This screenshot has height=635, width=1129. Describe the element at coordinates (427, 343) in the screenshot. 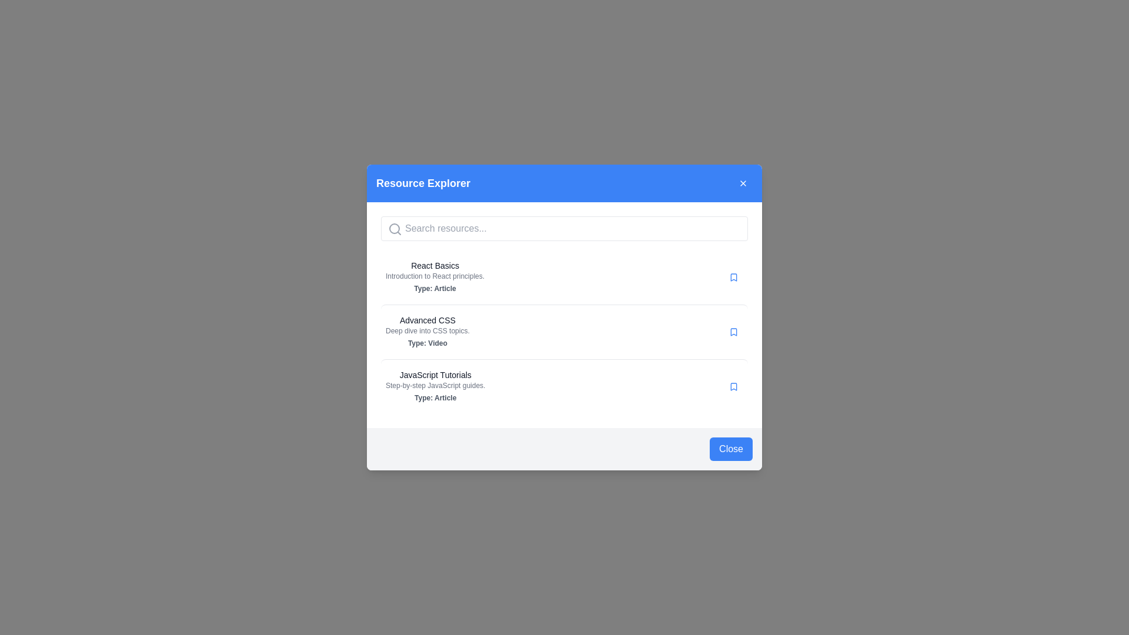

I see `the Text label that displays 'Type: Video' indicating the format of the resource titled 'Advanced CSS', located below the subtitle 'Deep dive into CSS topics'` at that location.